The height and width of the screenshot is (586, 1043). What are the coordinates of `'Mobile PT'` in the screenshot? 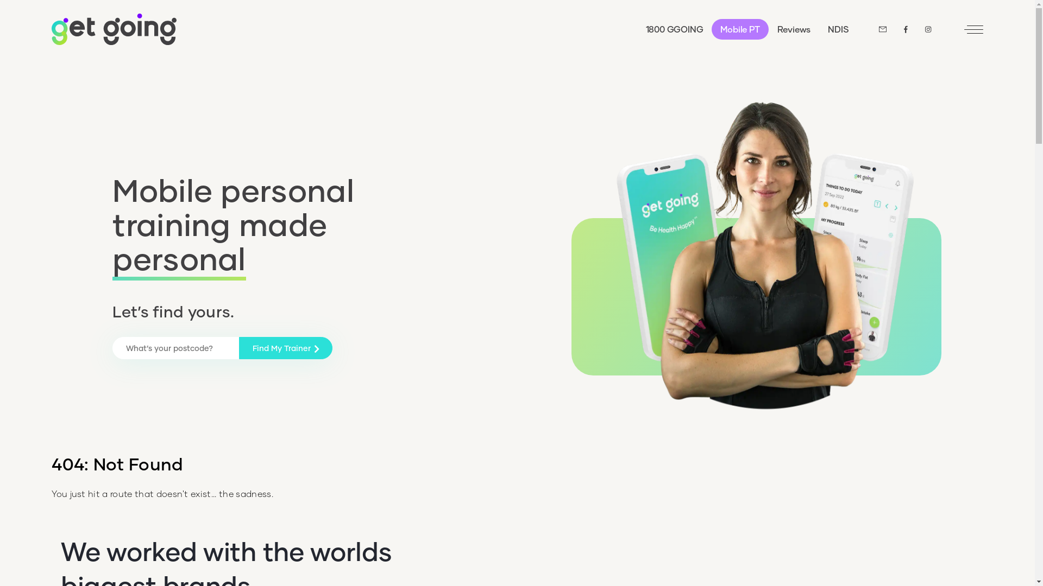 It's located at (739, 29).